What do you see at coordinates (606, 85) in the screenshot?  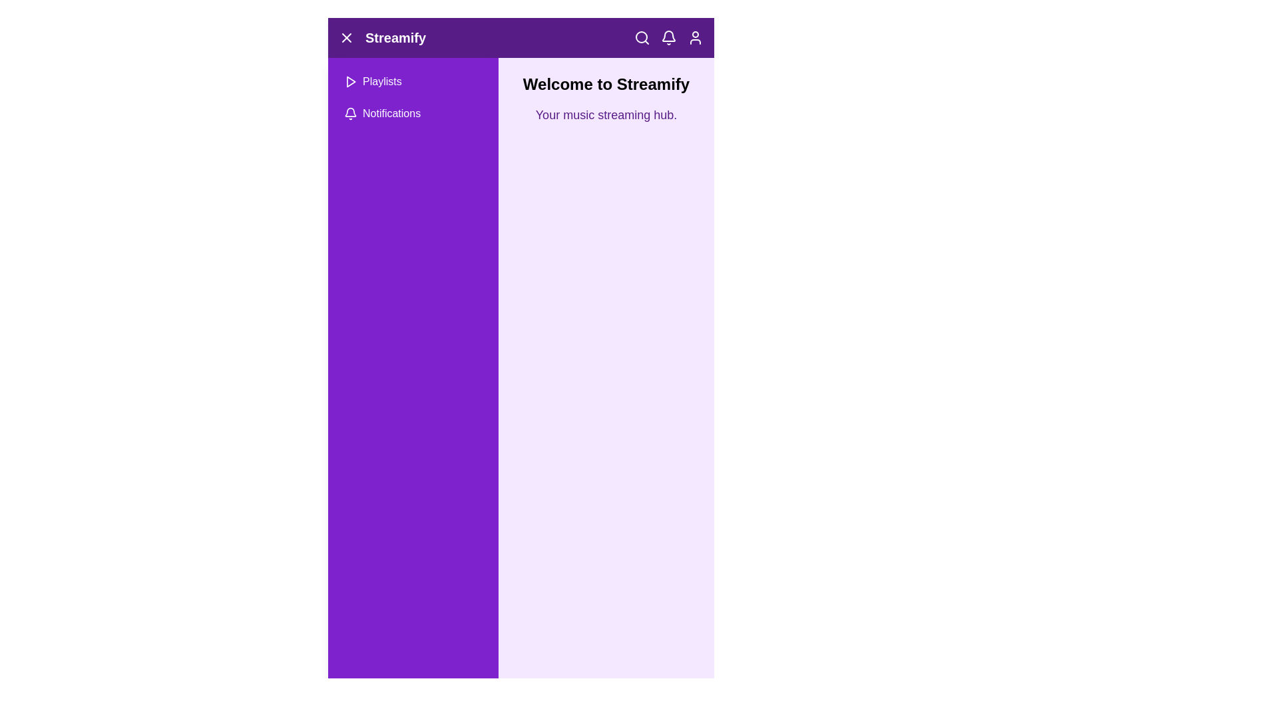 I see `header text displaying 'Welcome to Streamify', which is styled in bold, sans-serif font and positioned at the top right of the layout` at bounding box center [606, 85].